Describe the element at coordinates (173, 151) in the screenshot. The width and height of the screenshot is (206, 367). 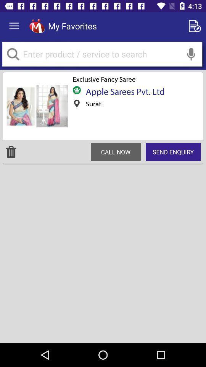
I see `the send enquiry on the right` at that location.